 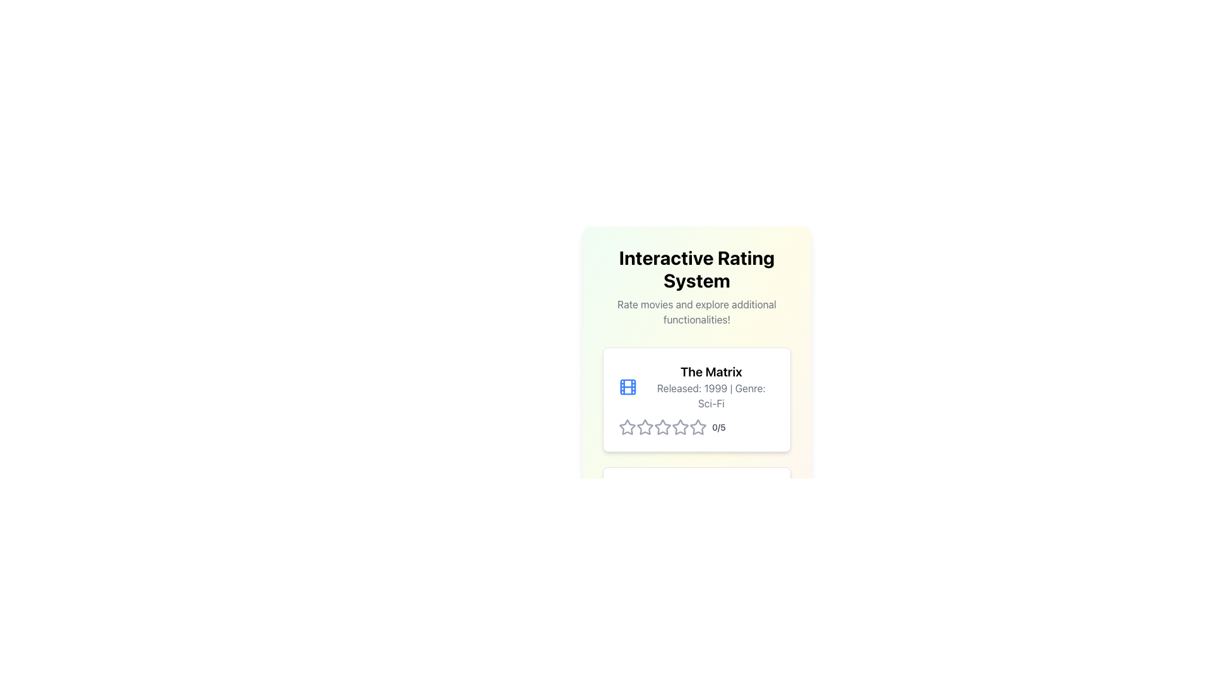 I want to click on the first interactive star icon used for rating, located directly underneath the movie information block for 'The Matrix', so click(x=627, y=427).